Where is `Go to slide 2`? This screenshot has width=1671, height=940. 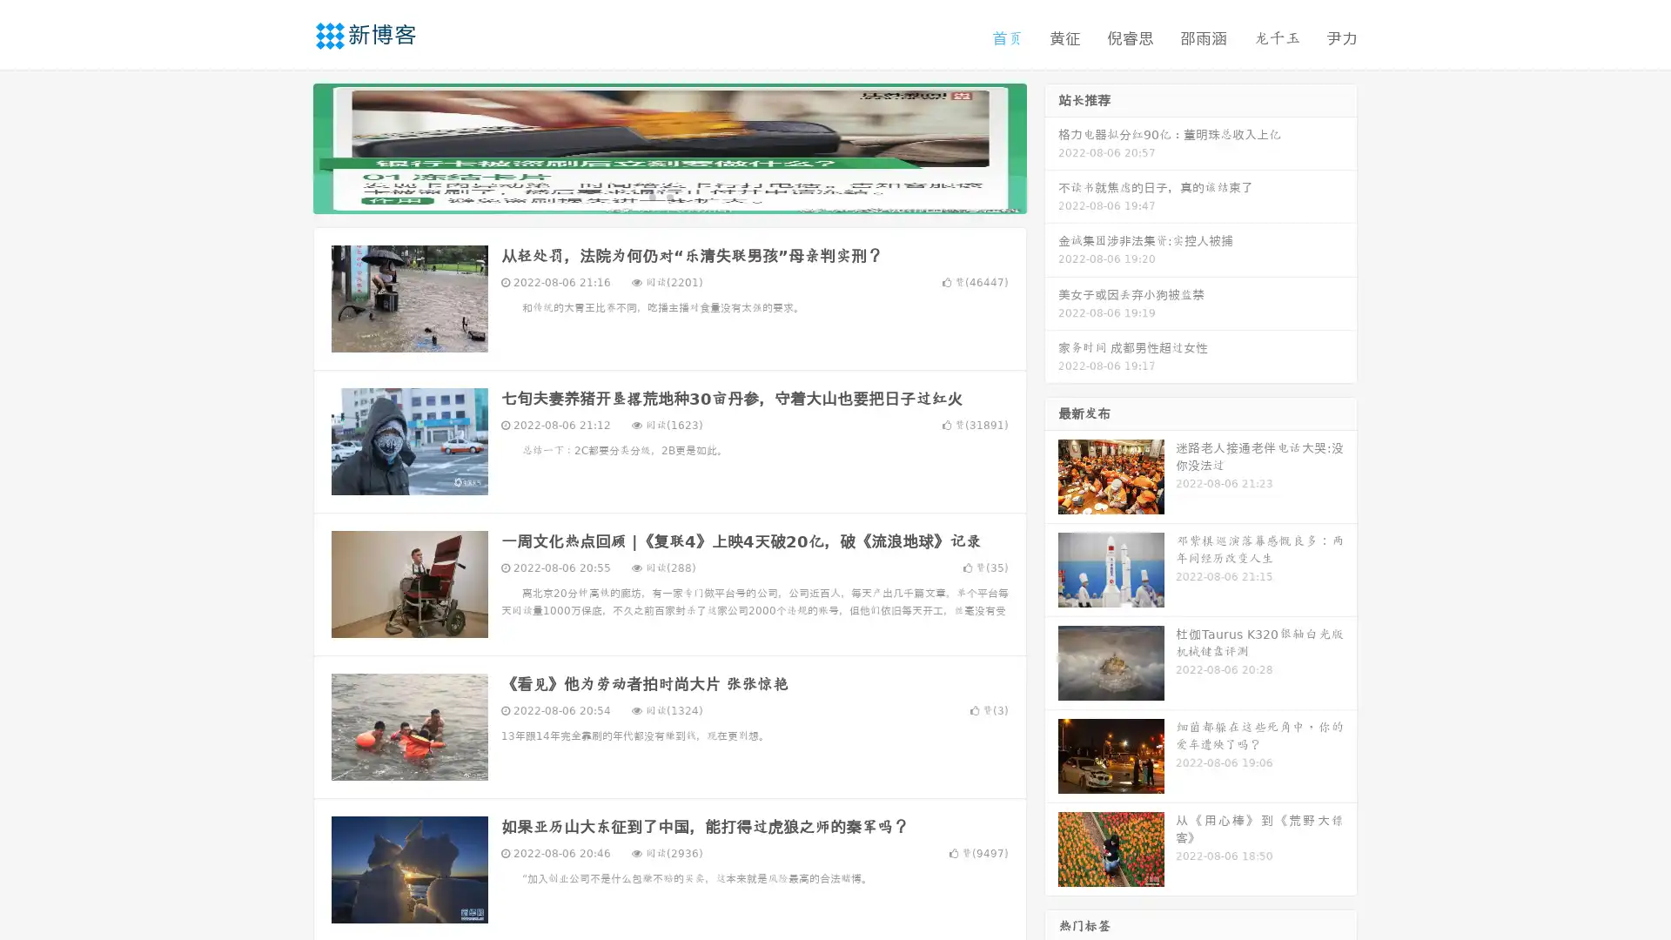
Go to slide 2 is located at coordinates (668, 196).